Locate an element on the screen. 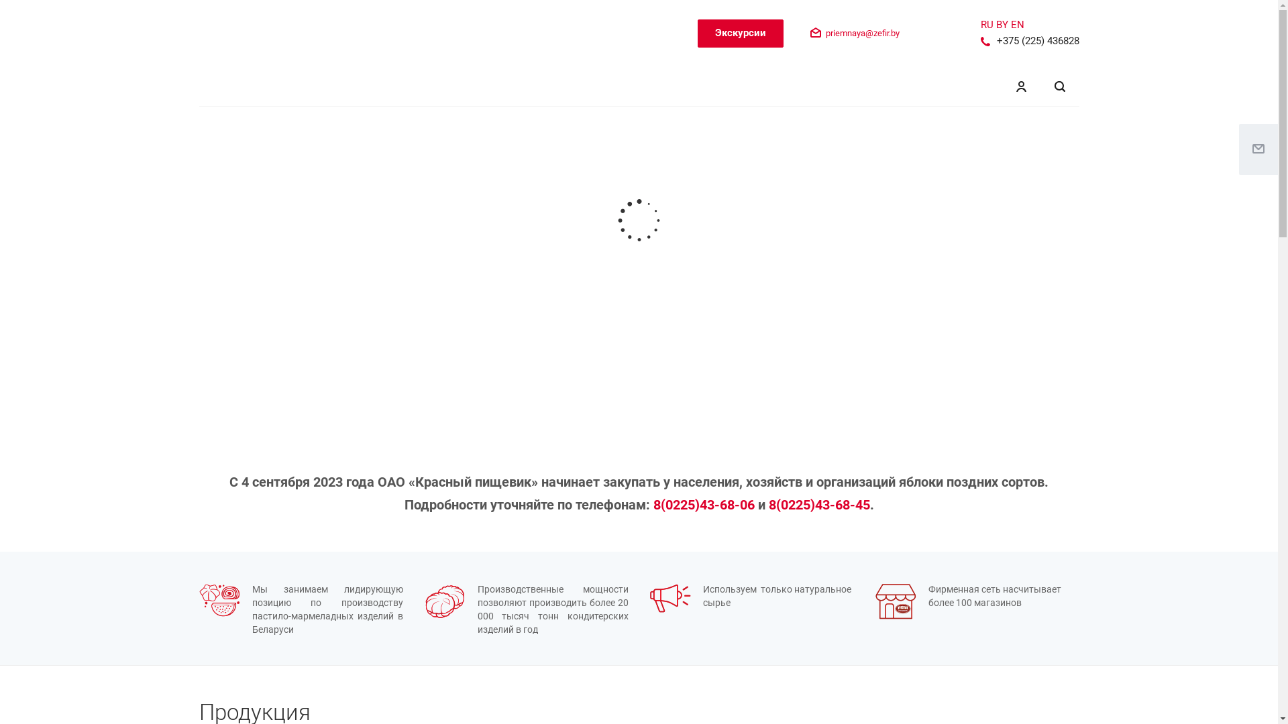 This screenshot has width=1288, height=724. 'priemnaya@zefir.by' is located at coordinates (863, 32).